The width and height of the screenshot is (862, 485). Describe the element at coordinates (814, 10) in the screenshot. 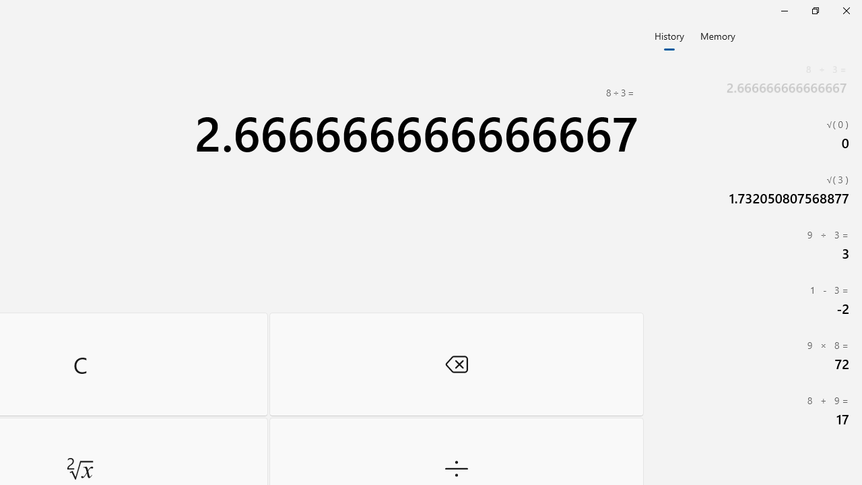

I see `'Restore Calculator'` at that location.